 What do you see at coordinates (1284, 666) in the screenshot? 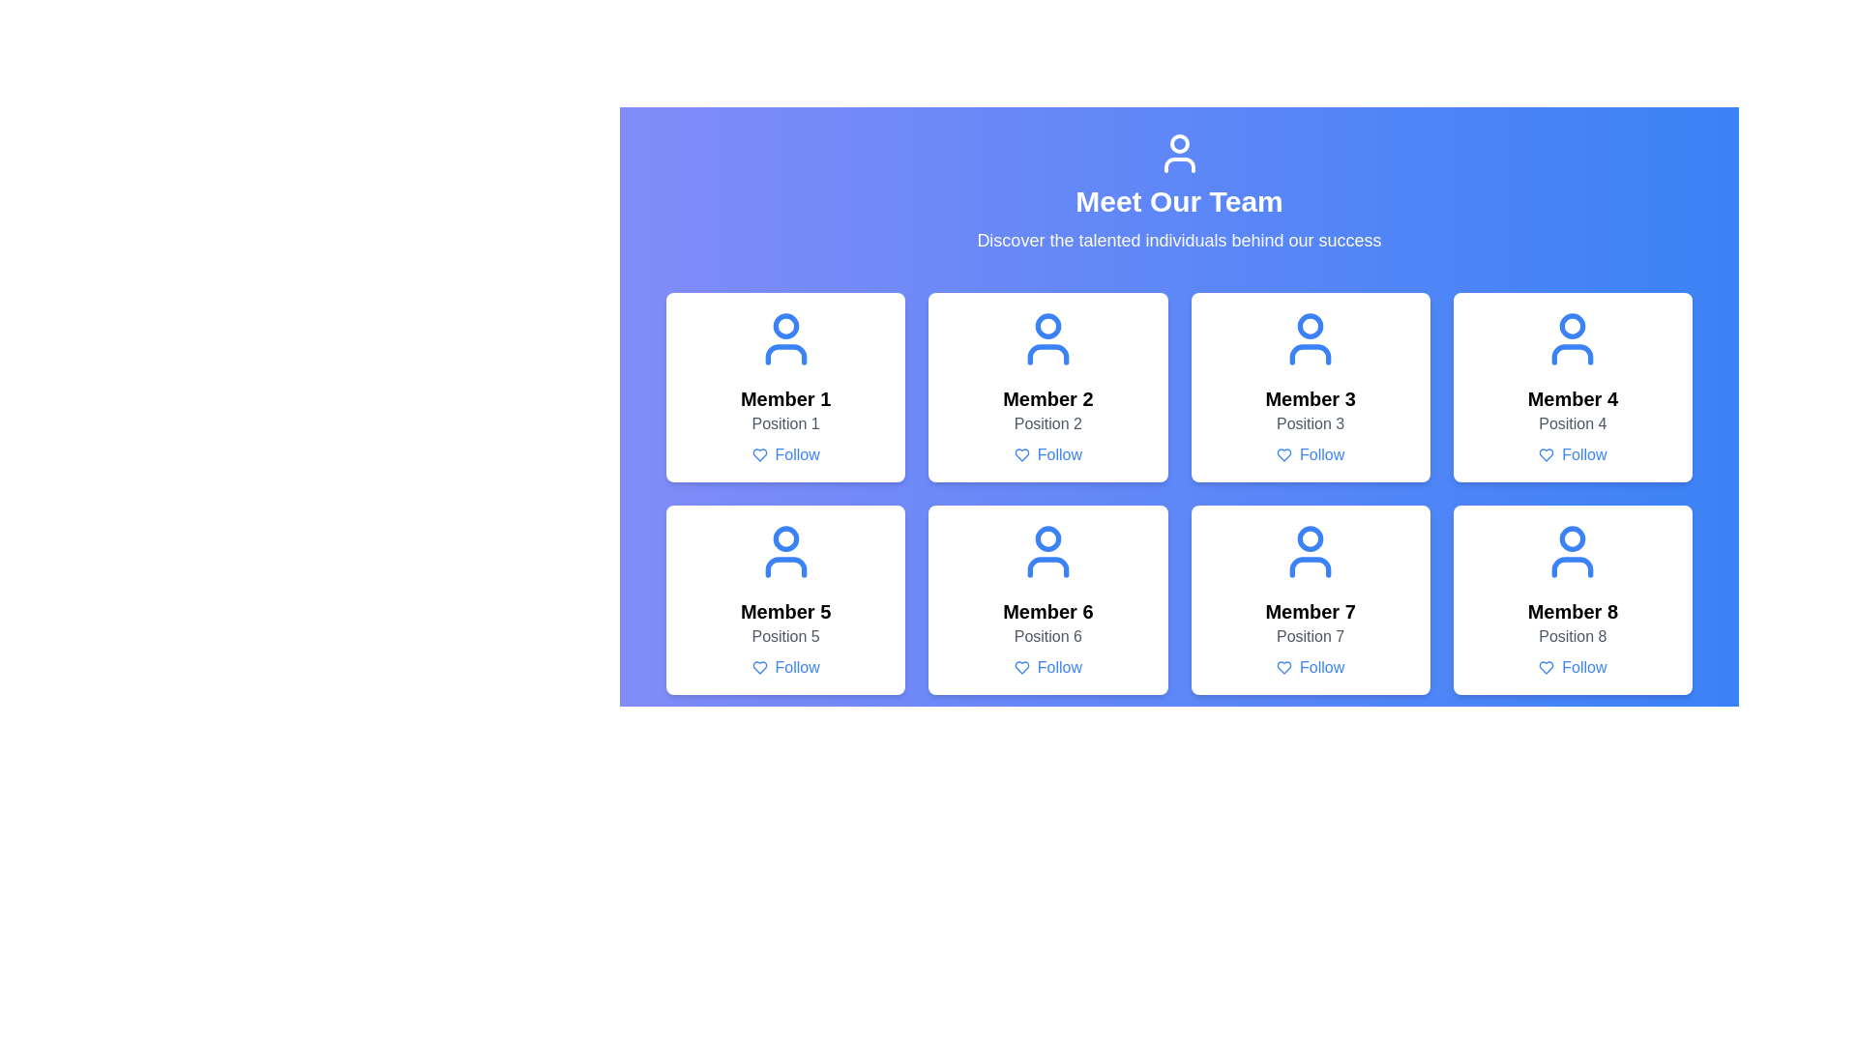
I see `the heart-shaped follow icon for Member 7 located at the bottom-center of the interface` at bounding box center [1284, 666].